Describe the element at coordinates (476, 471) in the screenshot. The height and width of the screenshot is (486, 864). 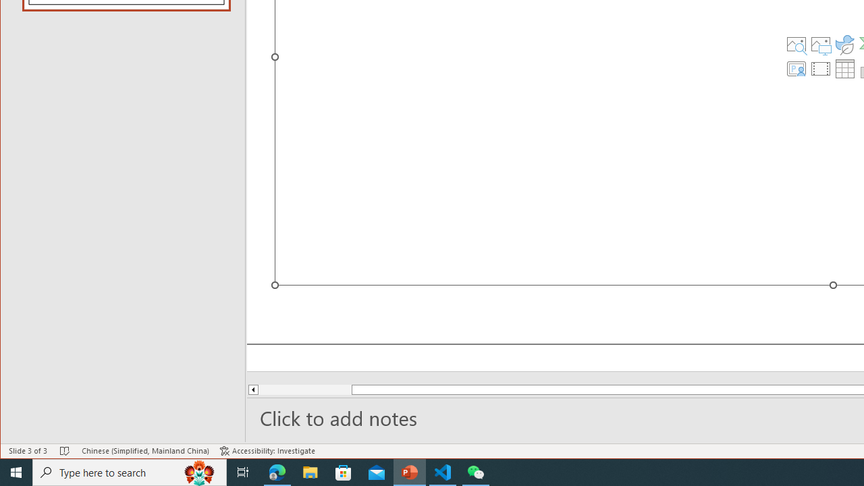
I see `'WeChat - 1 running window'` at that location.